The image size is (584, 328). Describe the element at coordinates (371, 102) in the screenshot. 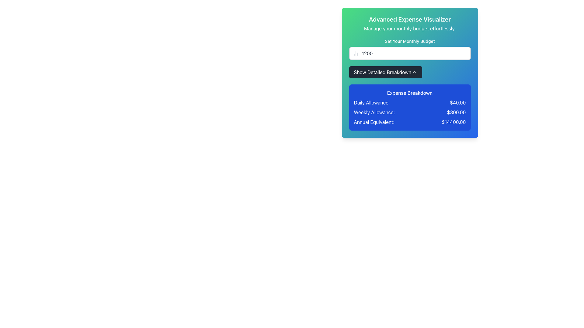

I see `the text label that reads 'Daily Allowance:' which is styled with white text on a blue background, located in the top-left corner of the 'Expense Breakdown' section` at that location.